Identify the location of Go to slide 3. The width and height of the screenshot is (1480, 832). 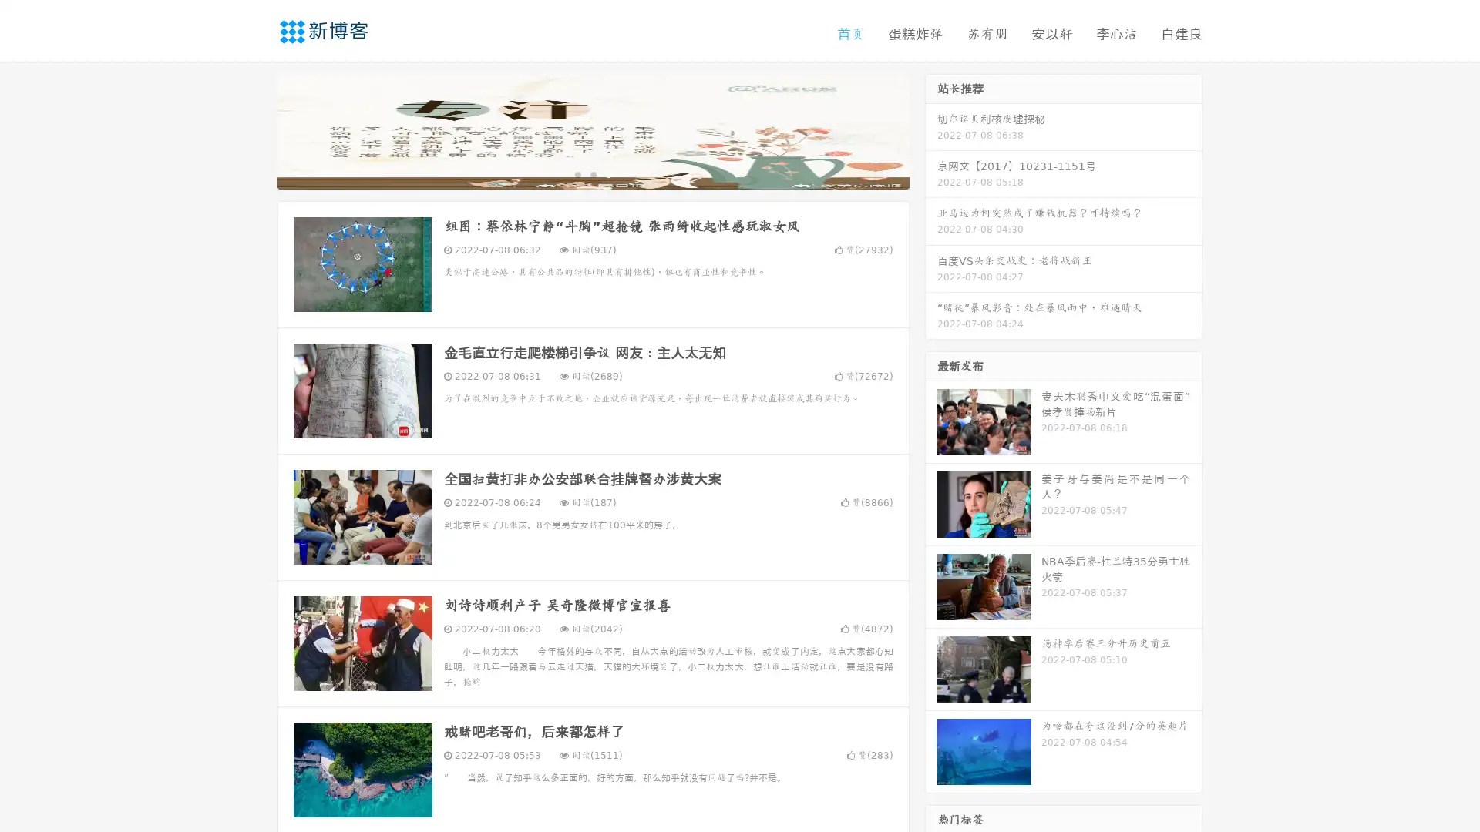
(608, 173).